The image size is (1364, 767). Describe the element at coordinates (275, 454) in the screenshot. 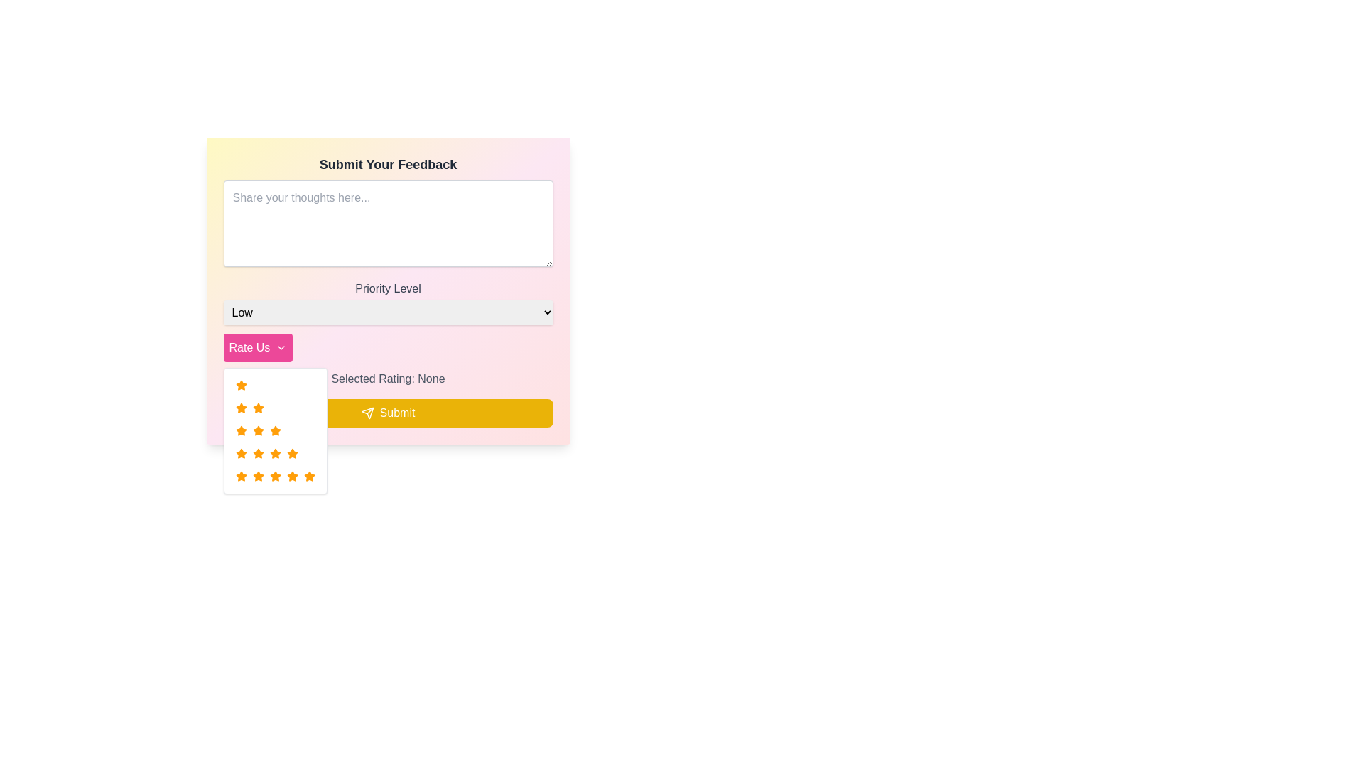

I see `the fourth star icon in the rating system located under the 'Rate Us' dropdown` at that location.